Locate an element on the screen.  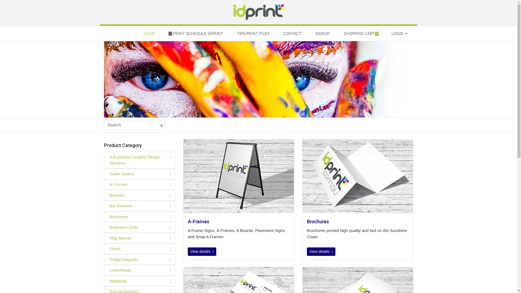
'LOGIN' is located at coordinates (399, 33).